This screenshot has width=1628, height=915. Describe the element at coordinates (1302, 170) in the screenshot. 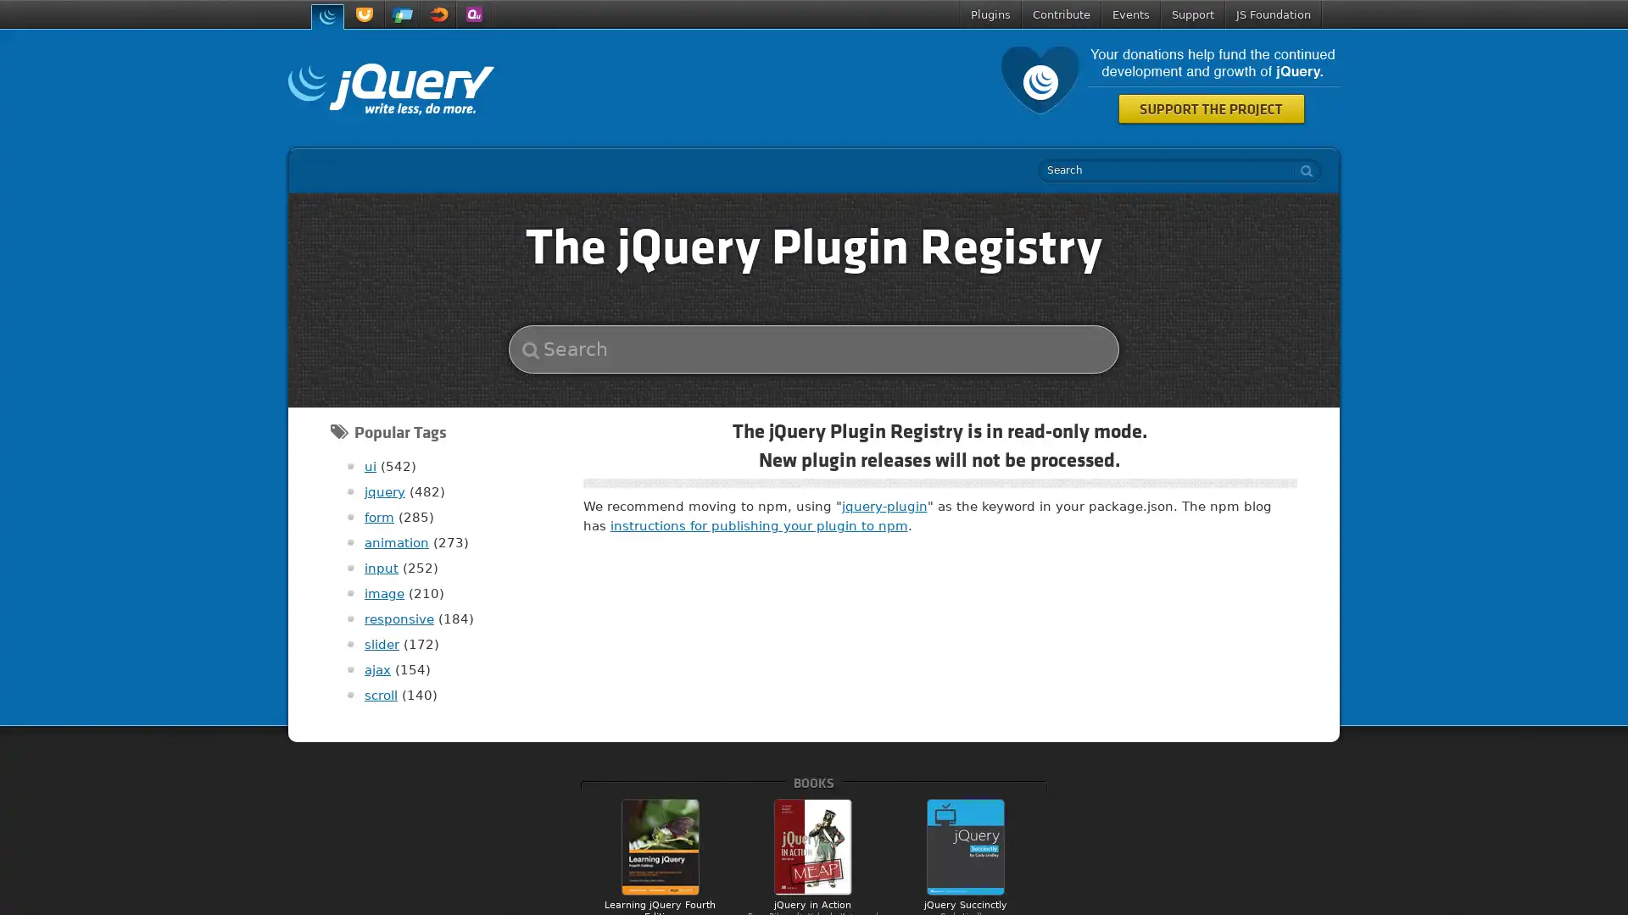

I see `search` at that location.